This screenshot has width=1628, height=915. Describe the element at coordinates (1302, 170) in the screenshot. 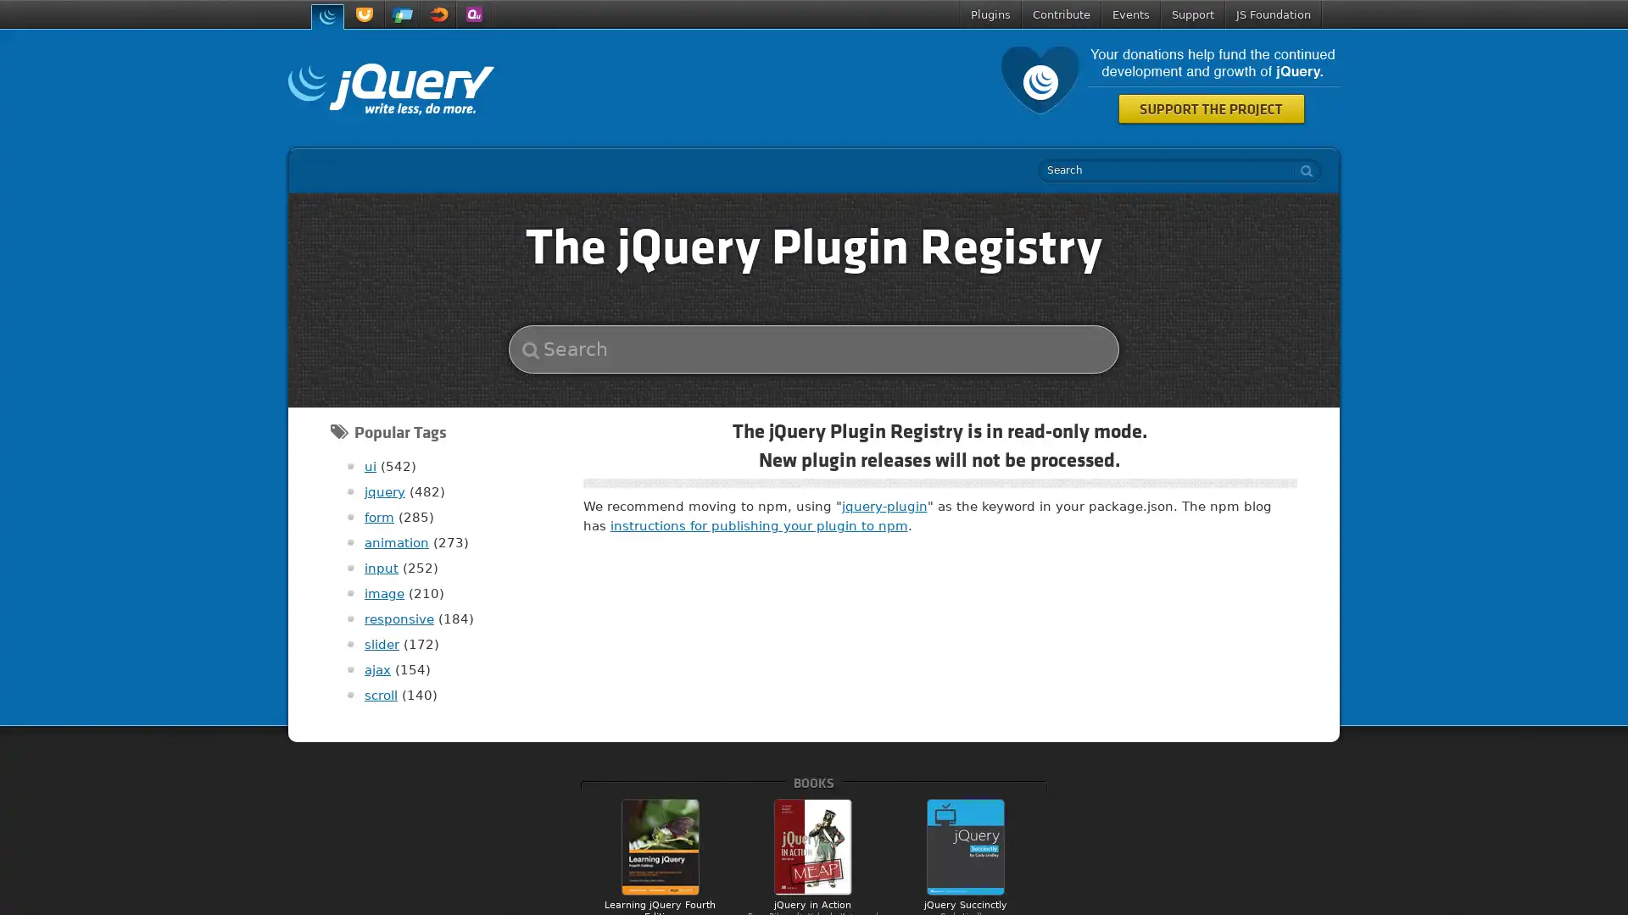

I see `search` at that location.